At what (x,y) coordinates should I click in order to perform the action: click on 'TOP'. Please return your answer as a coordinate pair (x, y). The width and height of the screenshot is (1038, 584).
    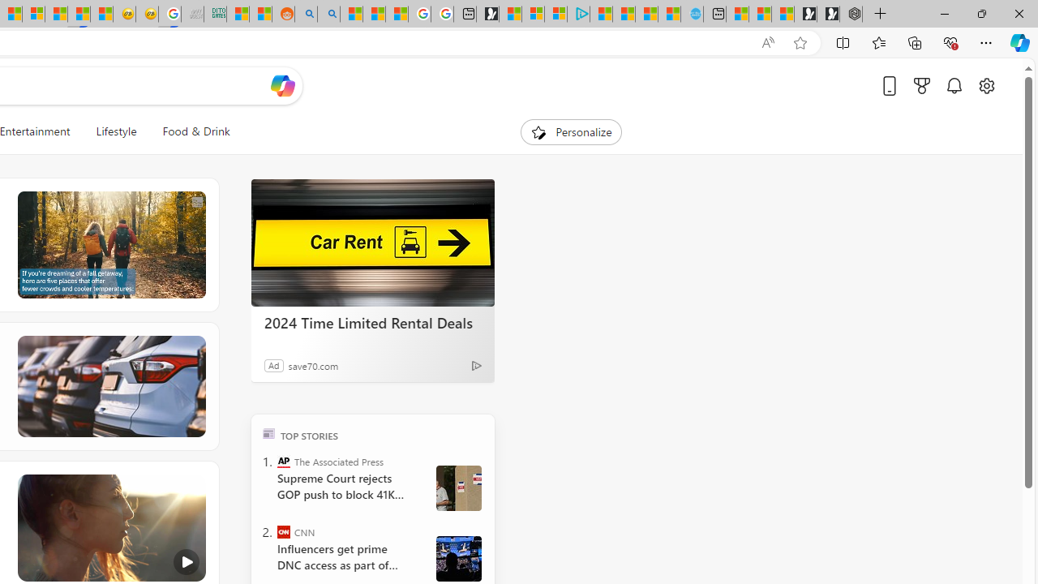
    Looking at the image, I should click on (269, 432).